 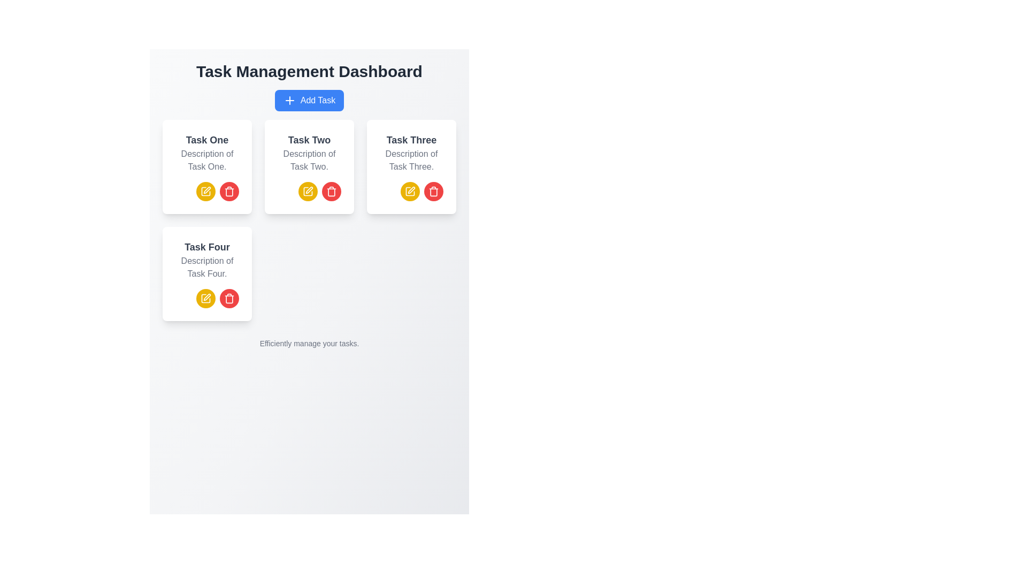 What do you see at coordinates (331, 191) in the screenshot?
I see `the delete icon button located at the bottom right of the 'Task Two' card` at bounding box center [331, 191].